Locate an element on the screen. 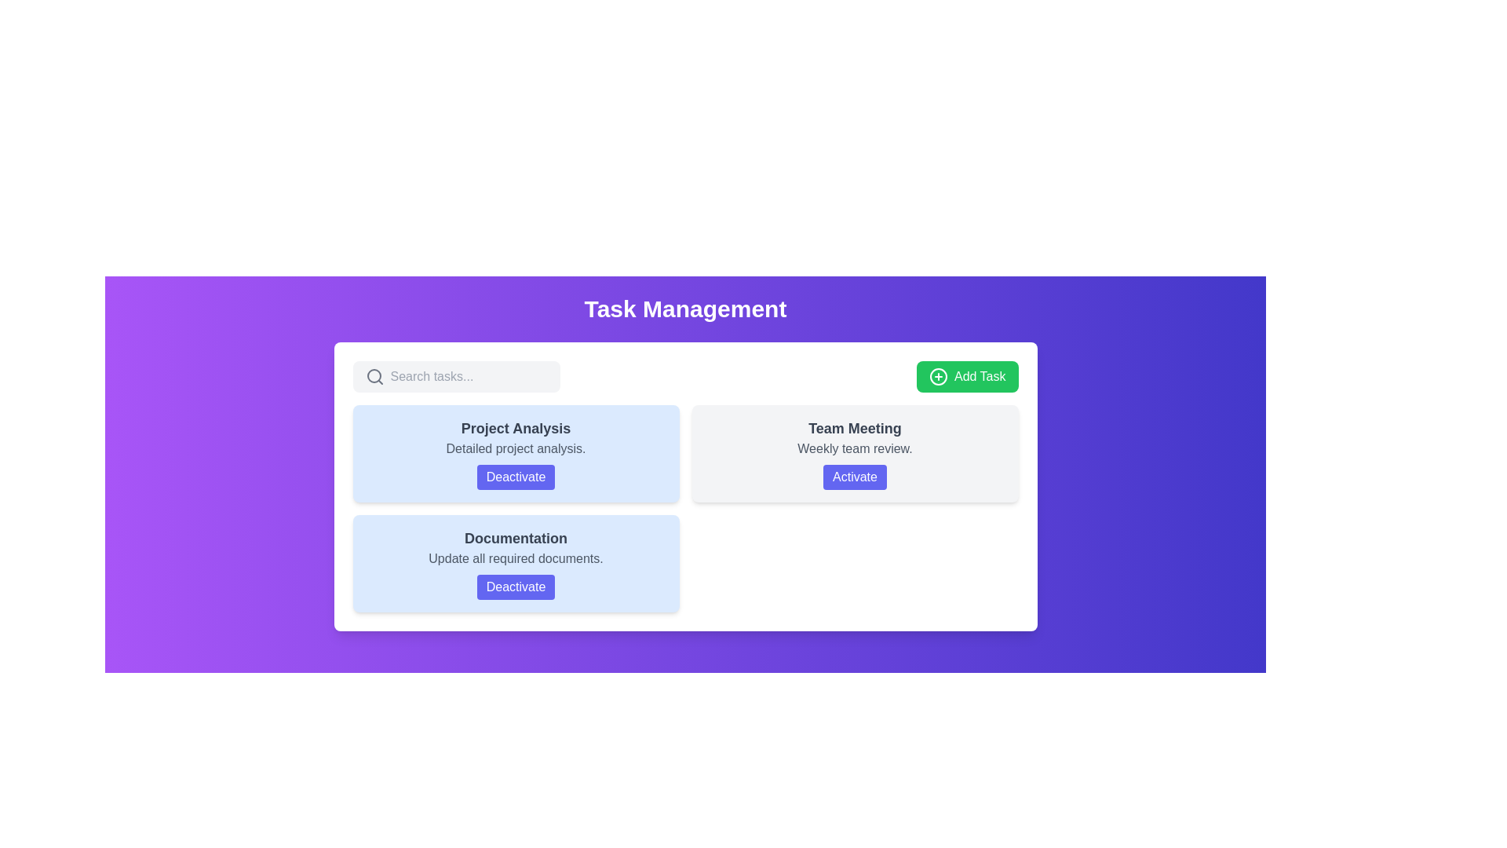 This screenshot has width=1507, height=848. the 'Activate' button on the 'Team Meeting' task card located in the right column of the first row under the 'Task Management' section is located at coordinates (854, 454).